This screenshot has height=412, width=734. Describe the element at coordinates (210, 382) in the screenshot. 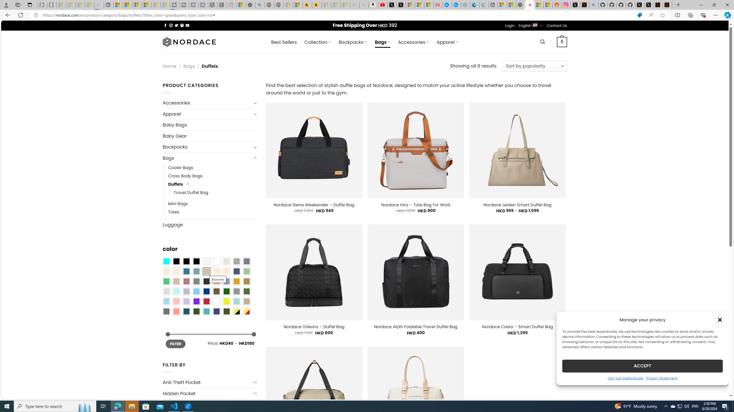

I see `'Anti Theft Pocket(4)'` at that location.